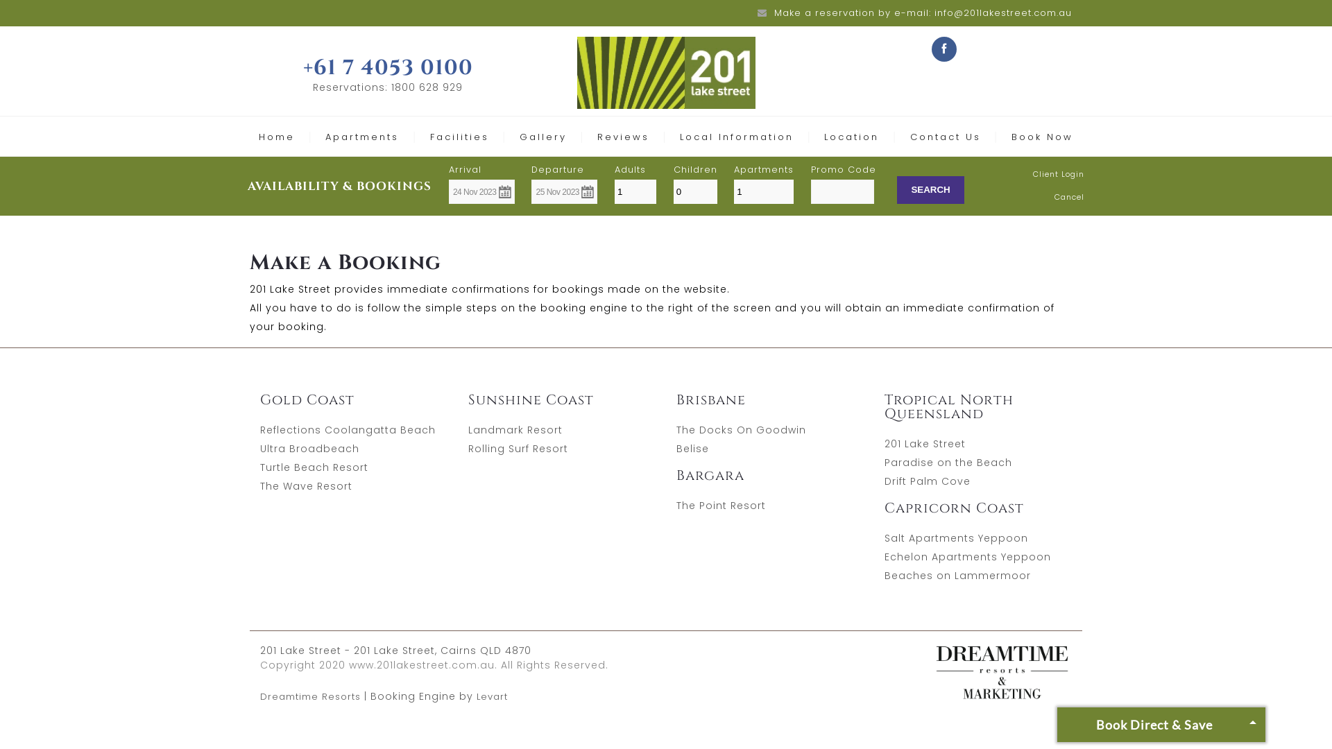 The image size is (1332, 749). I want to click on 'Cancel', so click(1054, 197).